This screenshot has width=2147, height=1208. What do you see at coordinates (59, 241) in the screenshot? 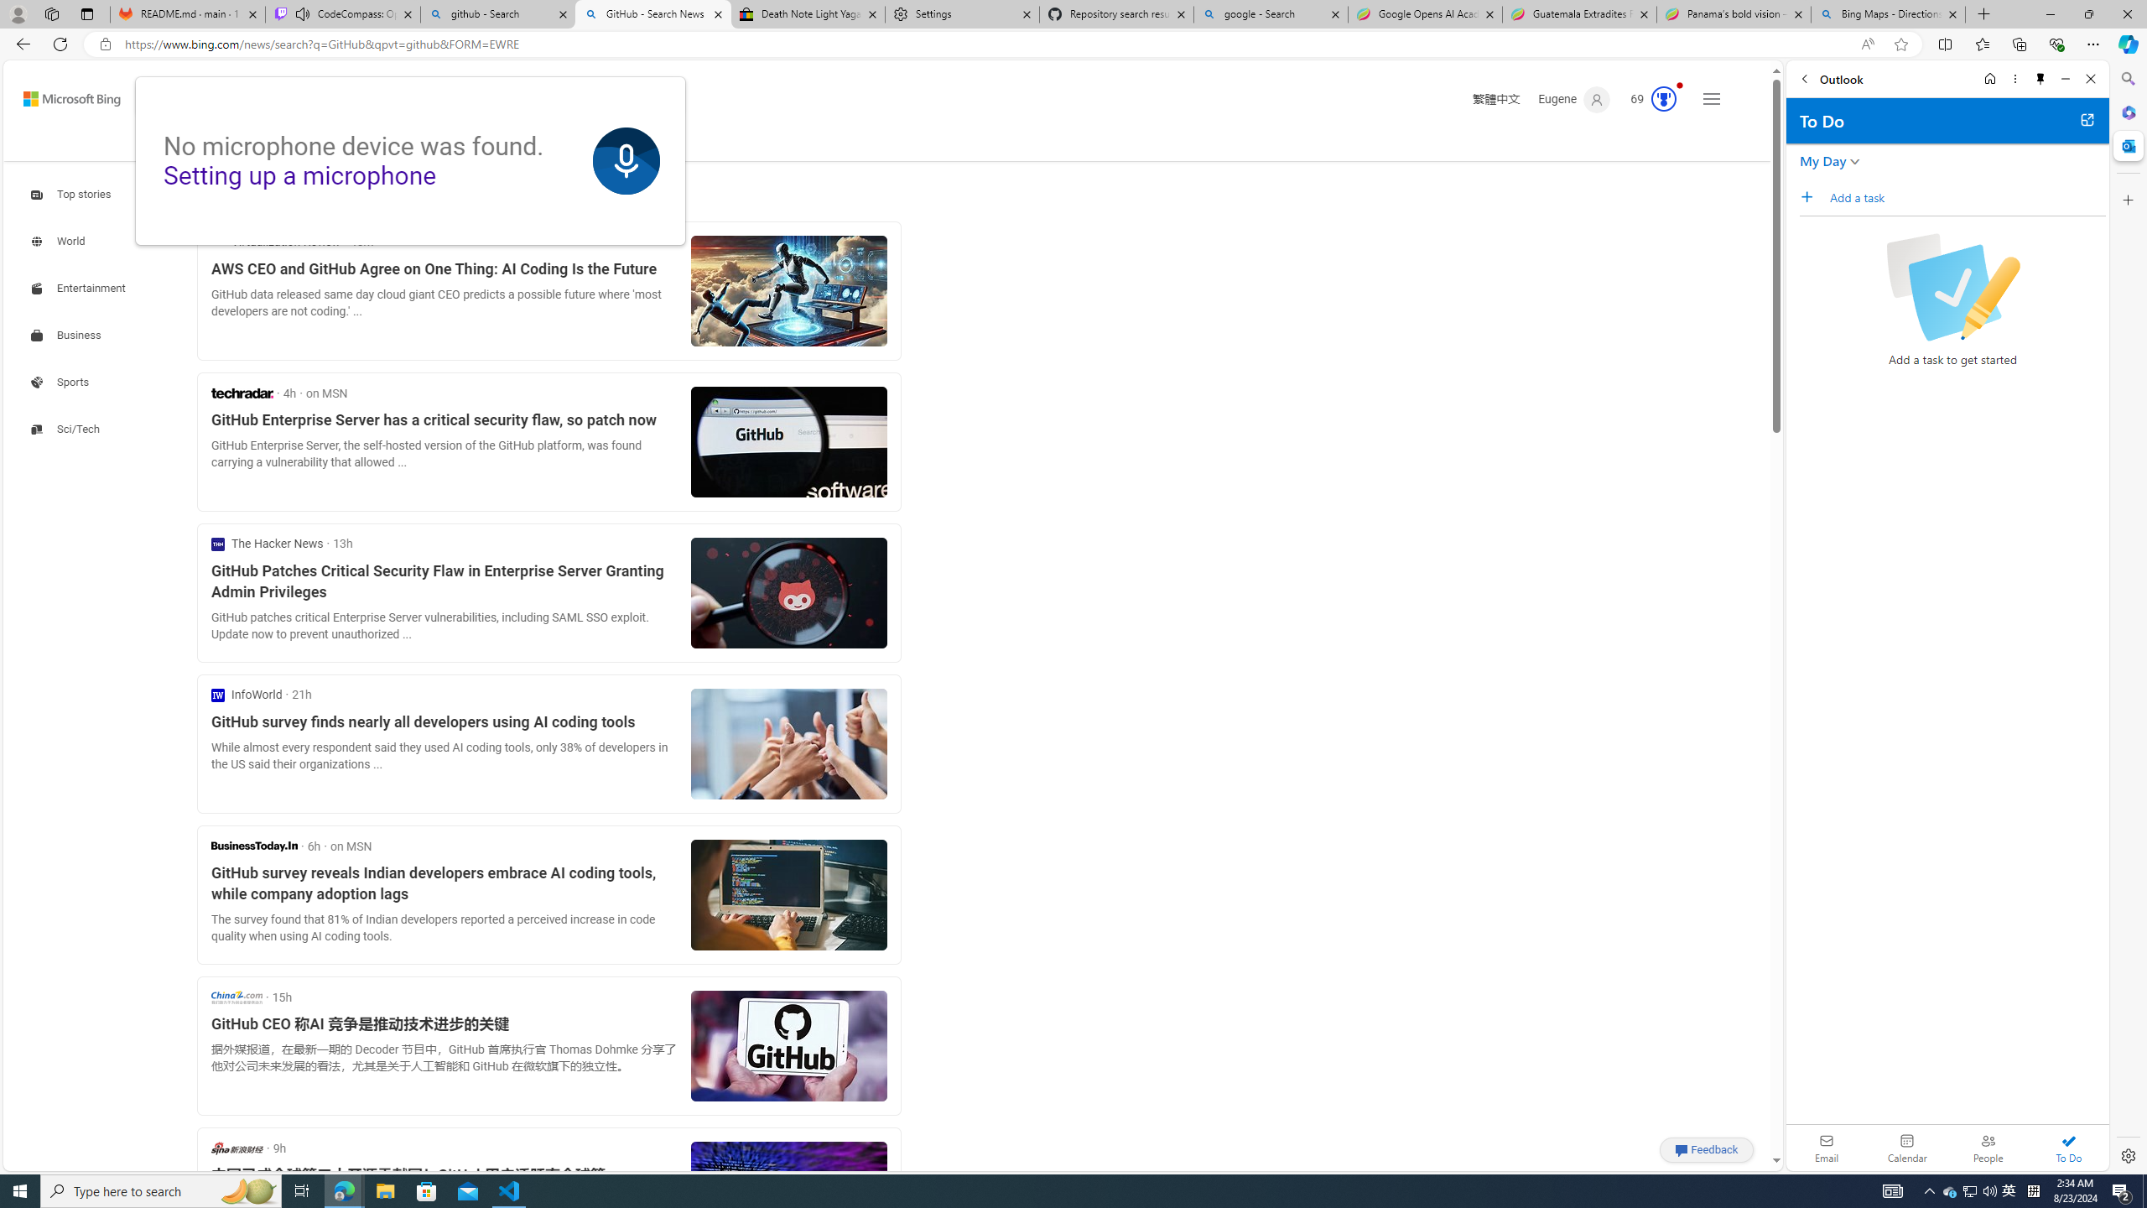
I see `'Search news about World'` at bounding box center [59, 241].